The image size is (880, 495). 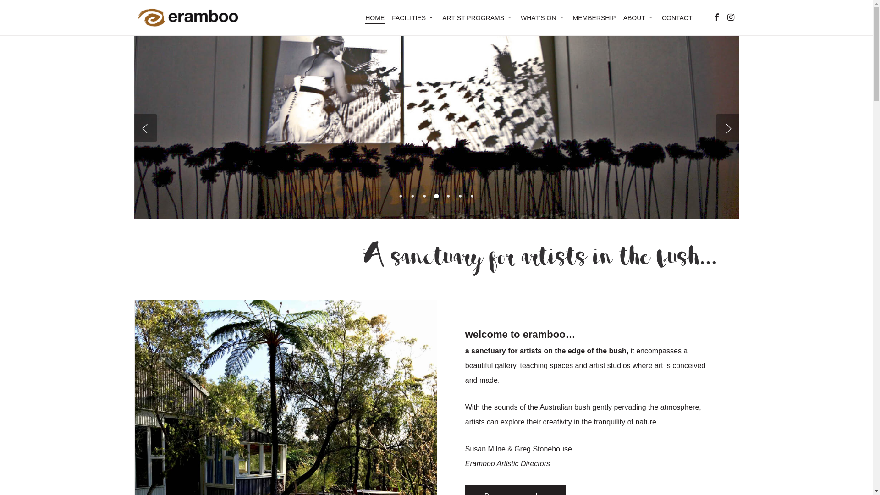 I want to click on 'HOME', so click(x=374, y=17).